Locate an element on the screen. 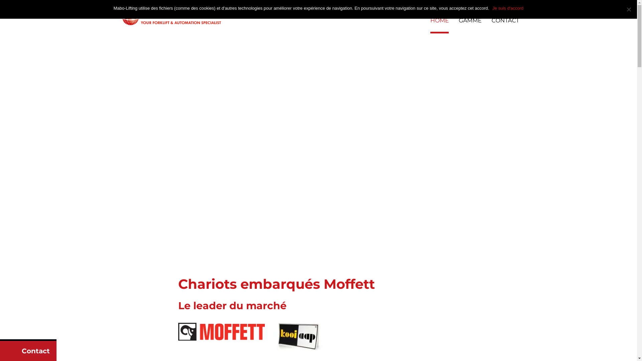 The width and height of the screenshot is (642, 361). 'CONTACT' is located at coordinates (505, 25).